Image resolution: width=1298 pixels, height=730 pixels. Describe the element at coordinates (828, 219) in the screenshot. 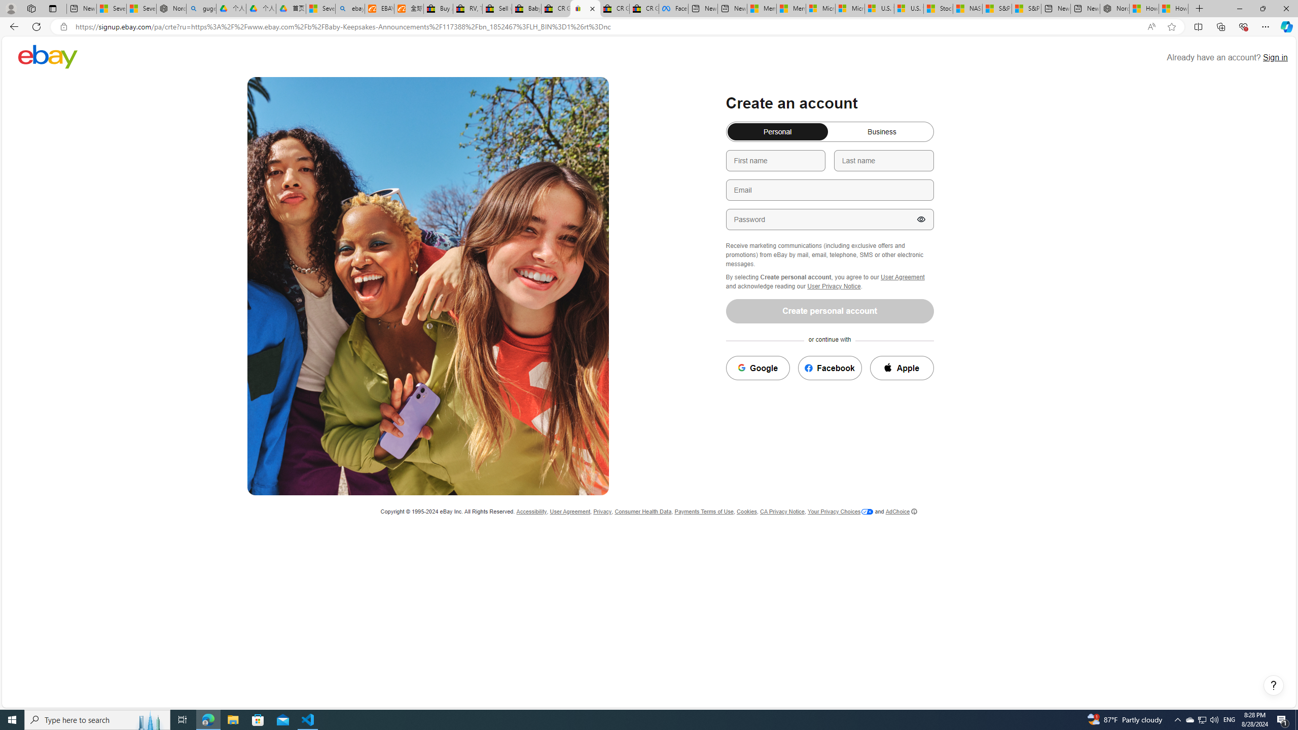

I see `'Password'` at that location.